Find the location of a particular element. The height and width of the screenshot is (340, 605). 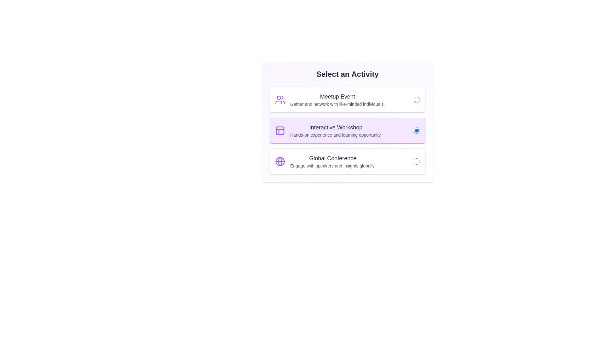

the purple globe icon that represents the 'Global Conference' selection item, located to the left of the text 'Global Conference' is located at coordinates (279, 161).